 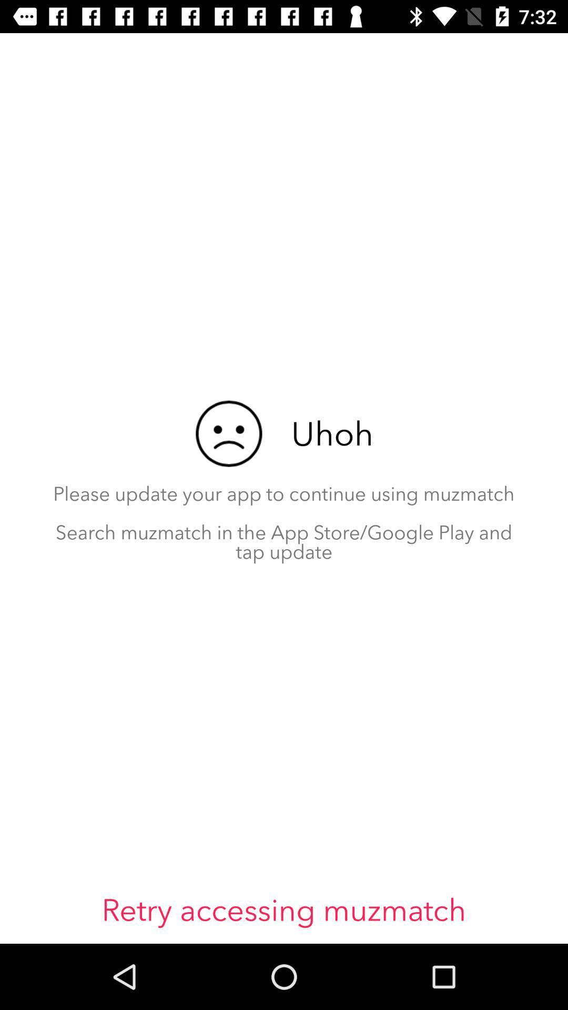 What do you see at coordinates (284, 910) in the screenshot?
I see `retry accessing muzmatch icon` at bounding box center [284, 910].